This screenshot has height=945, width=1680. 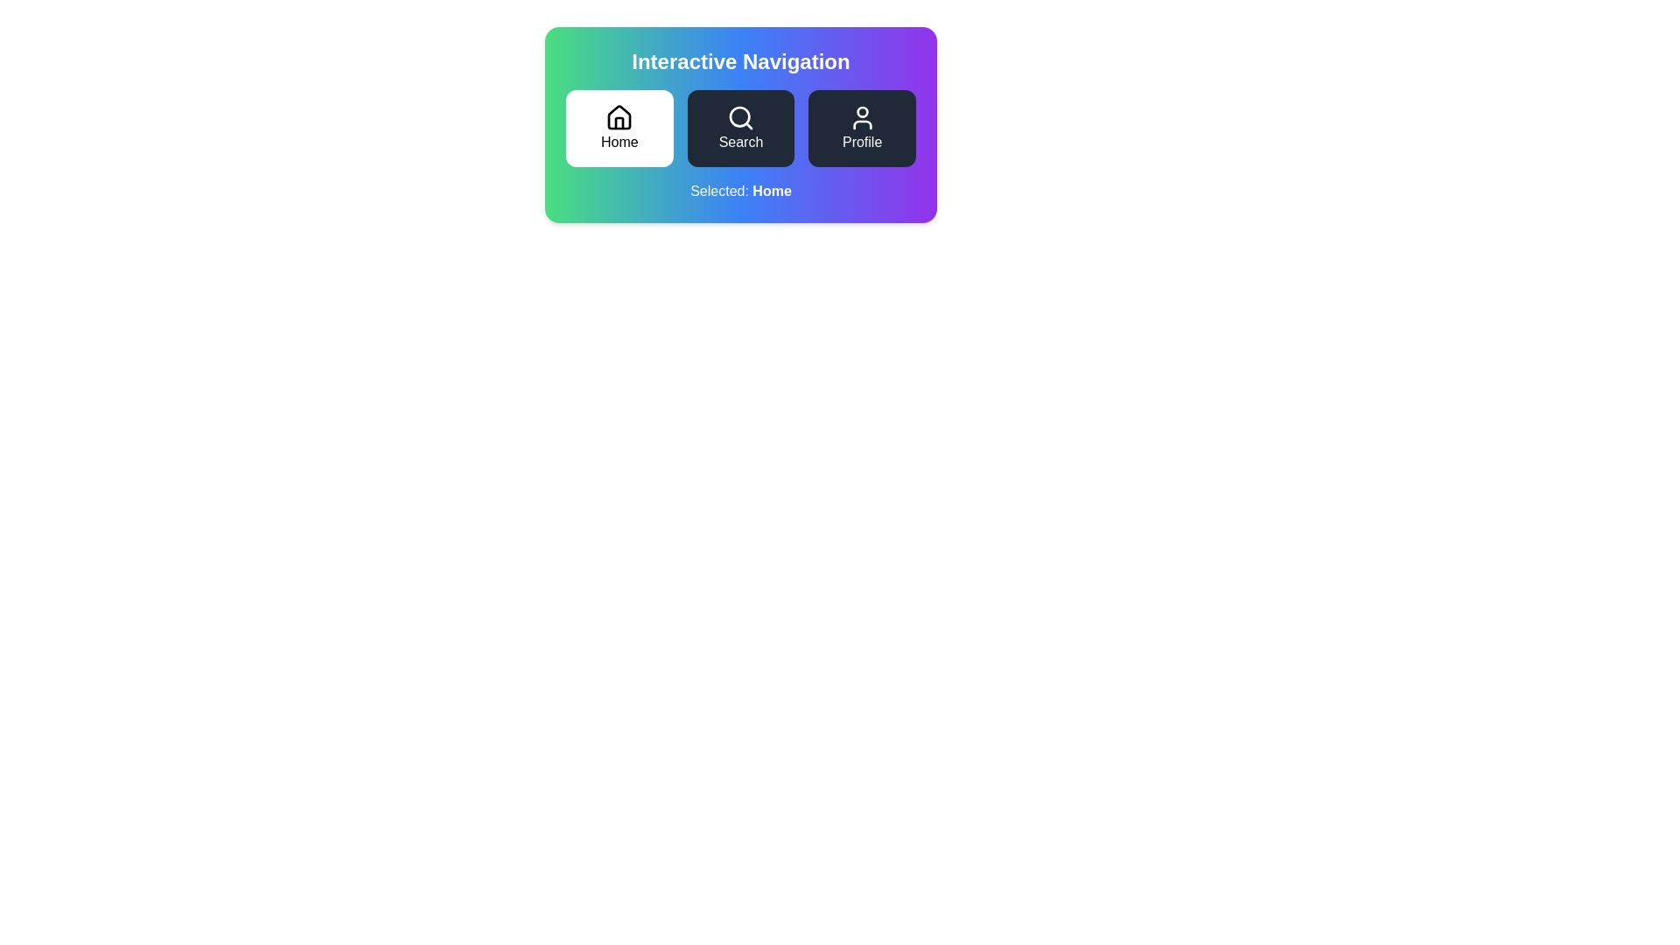 What do you see at coordinates (739, 116) in the screenshot?
I see `the circular magnifying glass icon located in the 'Search' section of the navigation panel` at bounding box center [739, 116].